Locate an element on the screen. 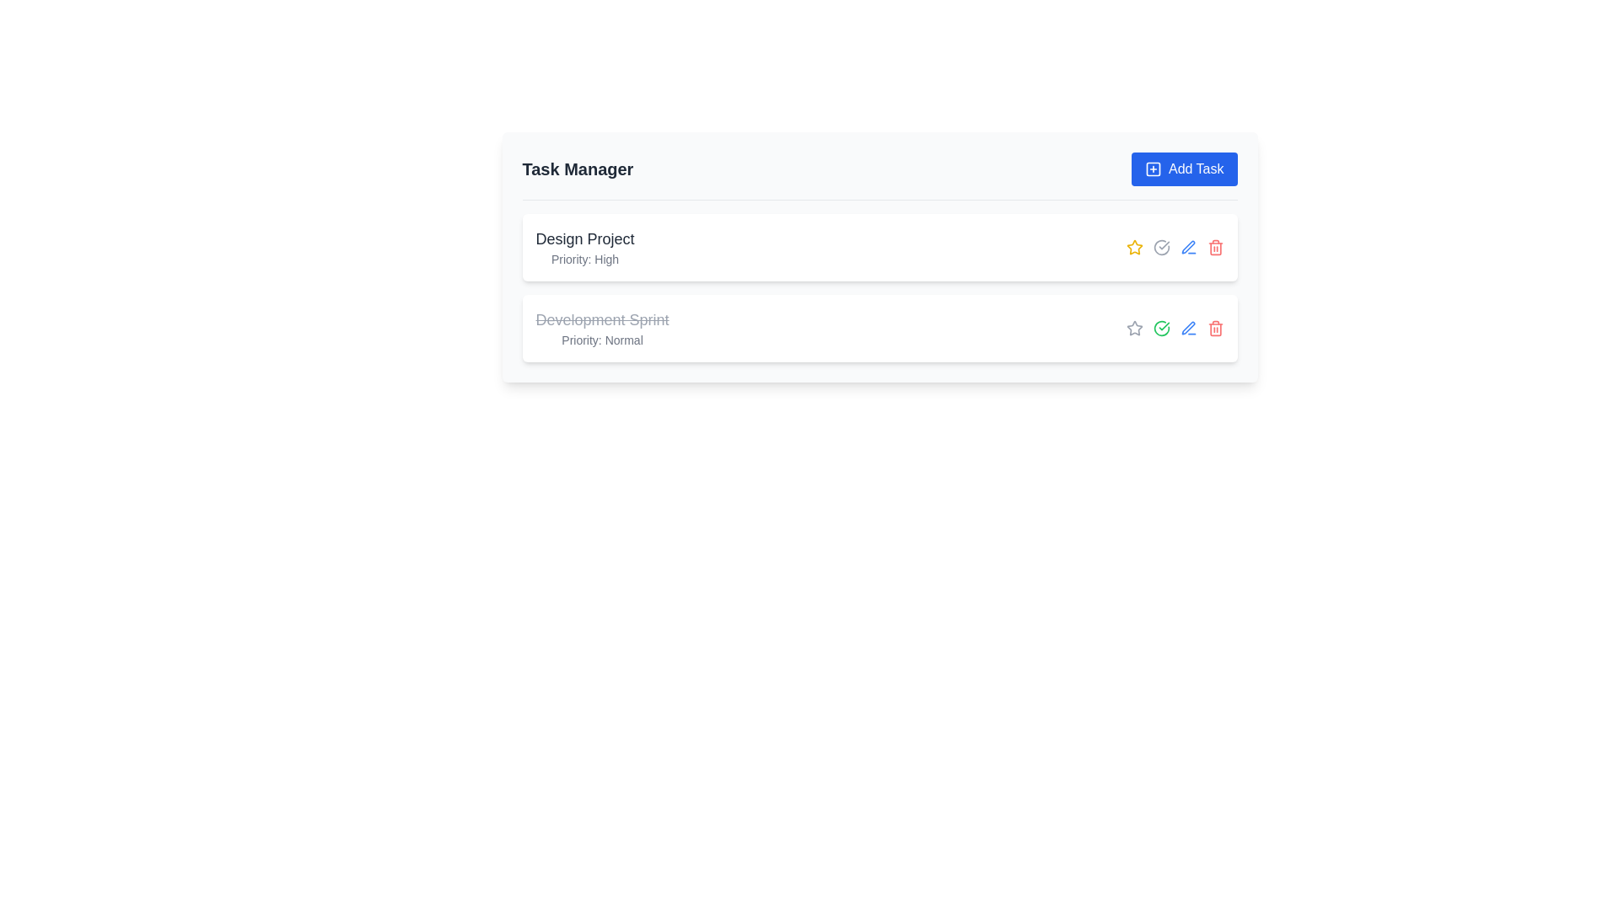 This screenshot has width=1619, height=910. the 'High' priority label indicating the urgency of the 'Design Project' task, which is located beneath the 'Design Project' text is located at coordinates (585, 260).